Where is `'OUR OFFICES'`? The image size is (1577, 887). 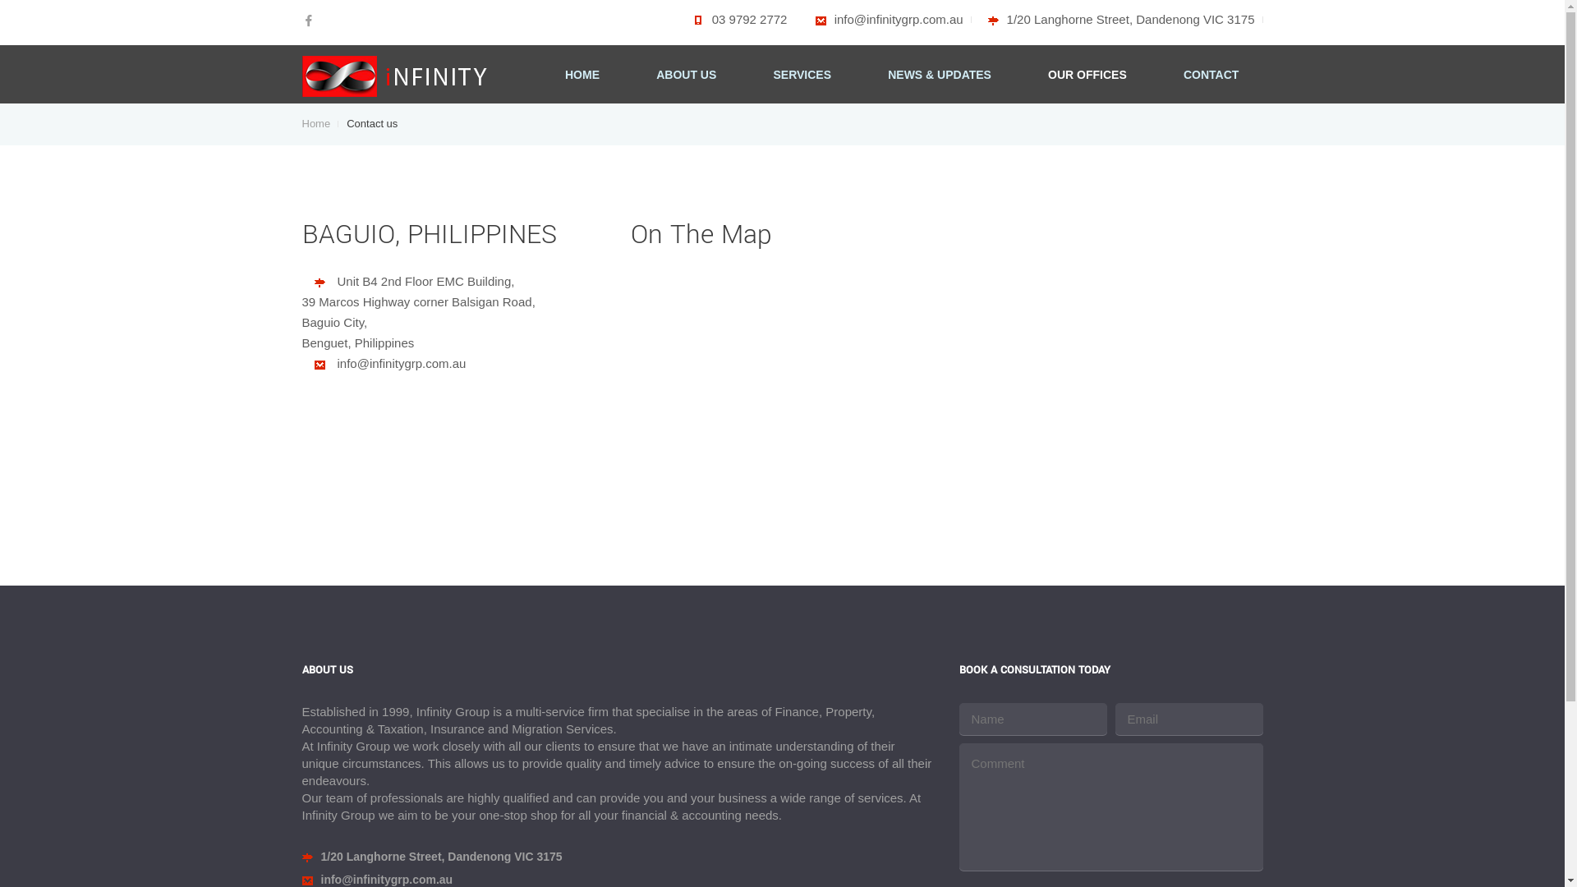 'OUR OFFICES' is located at coordinates (1047, 76).